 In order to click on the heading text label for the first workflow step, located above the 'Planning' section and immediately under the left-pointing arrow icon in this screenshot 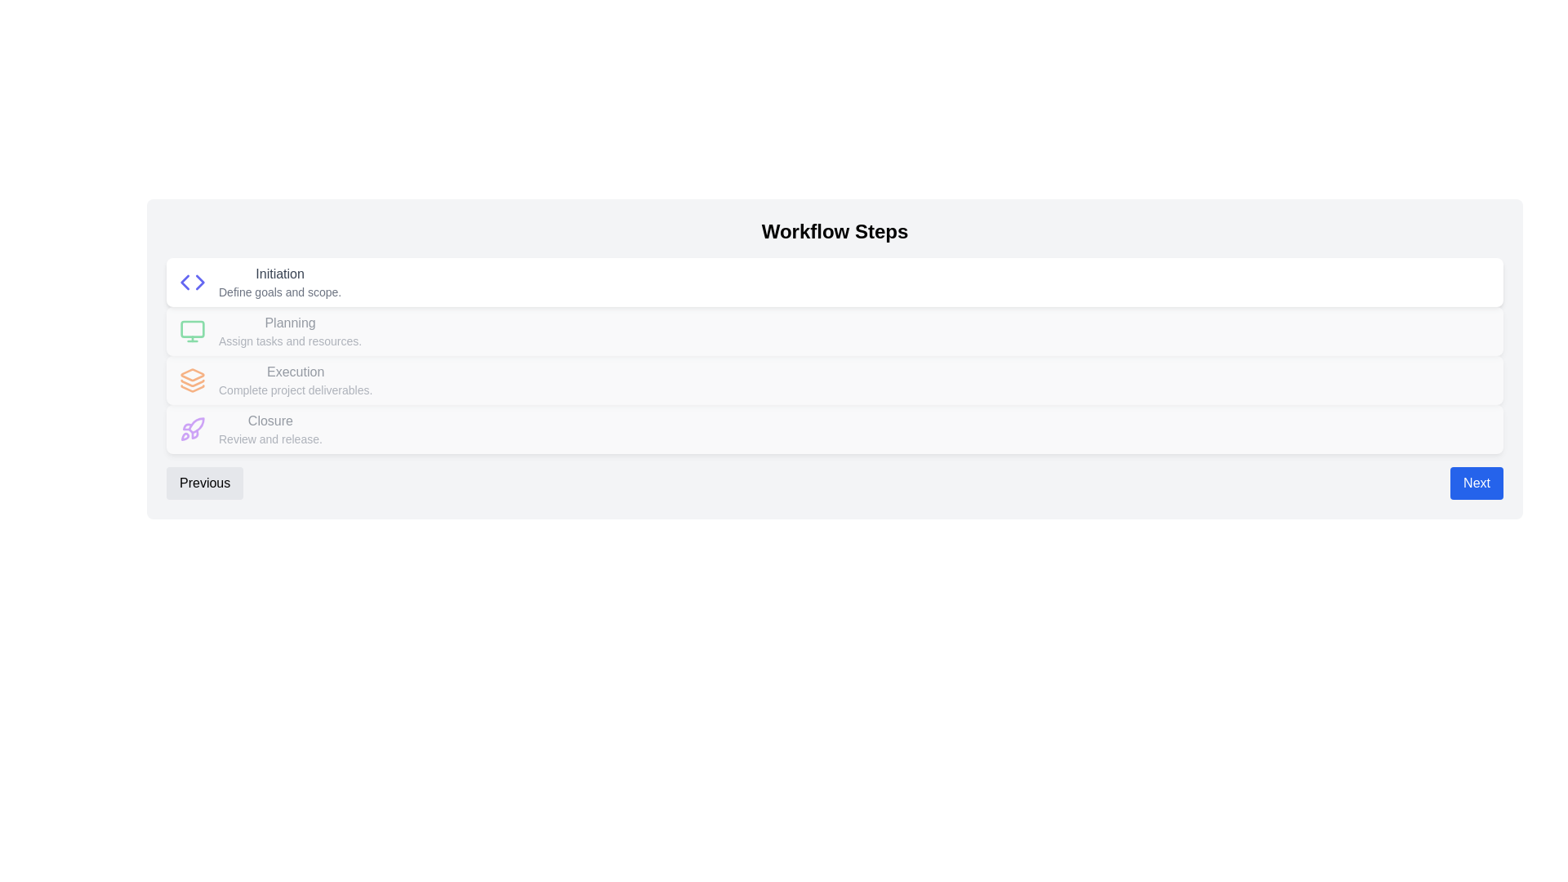, I will do `click(280, 273)`.